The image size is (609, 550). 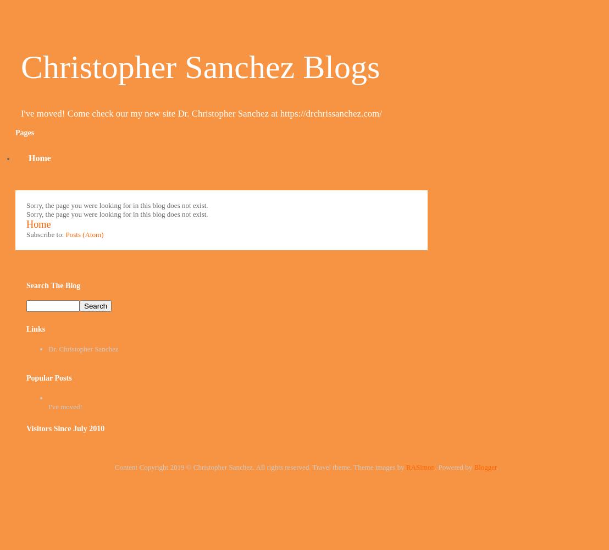 What do you see at coordinates (82, 349) in the screenshot?
I see `'Dr. Christopher Sanchez'` at bounding box center [82, 349].